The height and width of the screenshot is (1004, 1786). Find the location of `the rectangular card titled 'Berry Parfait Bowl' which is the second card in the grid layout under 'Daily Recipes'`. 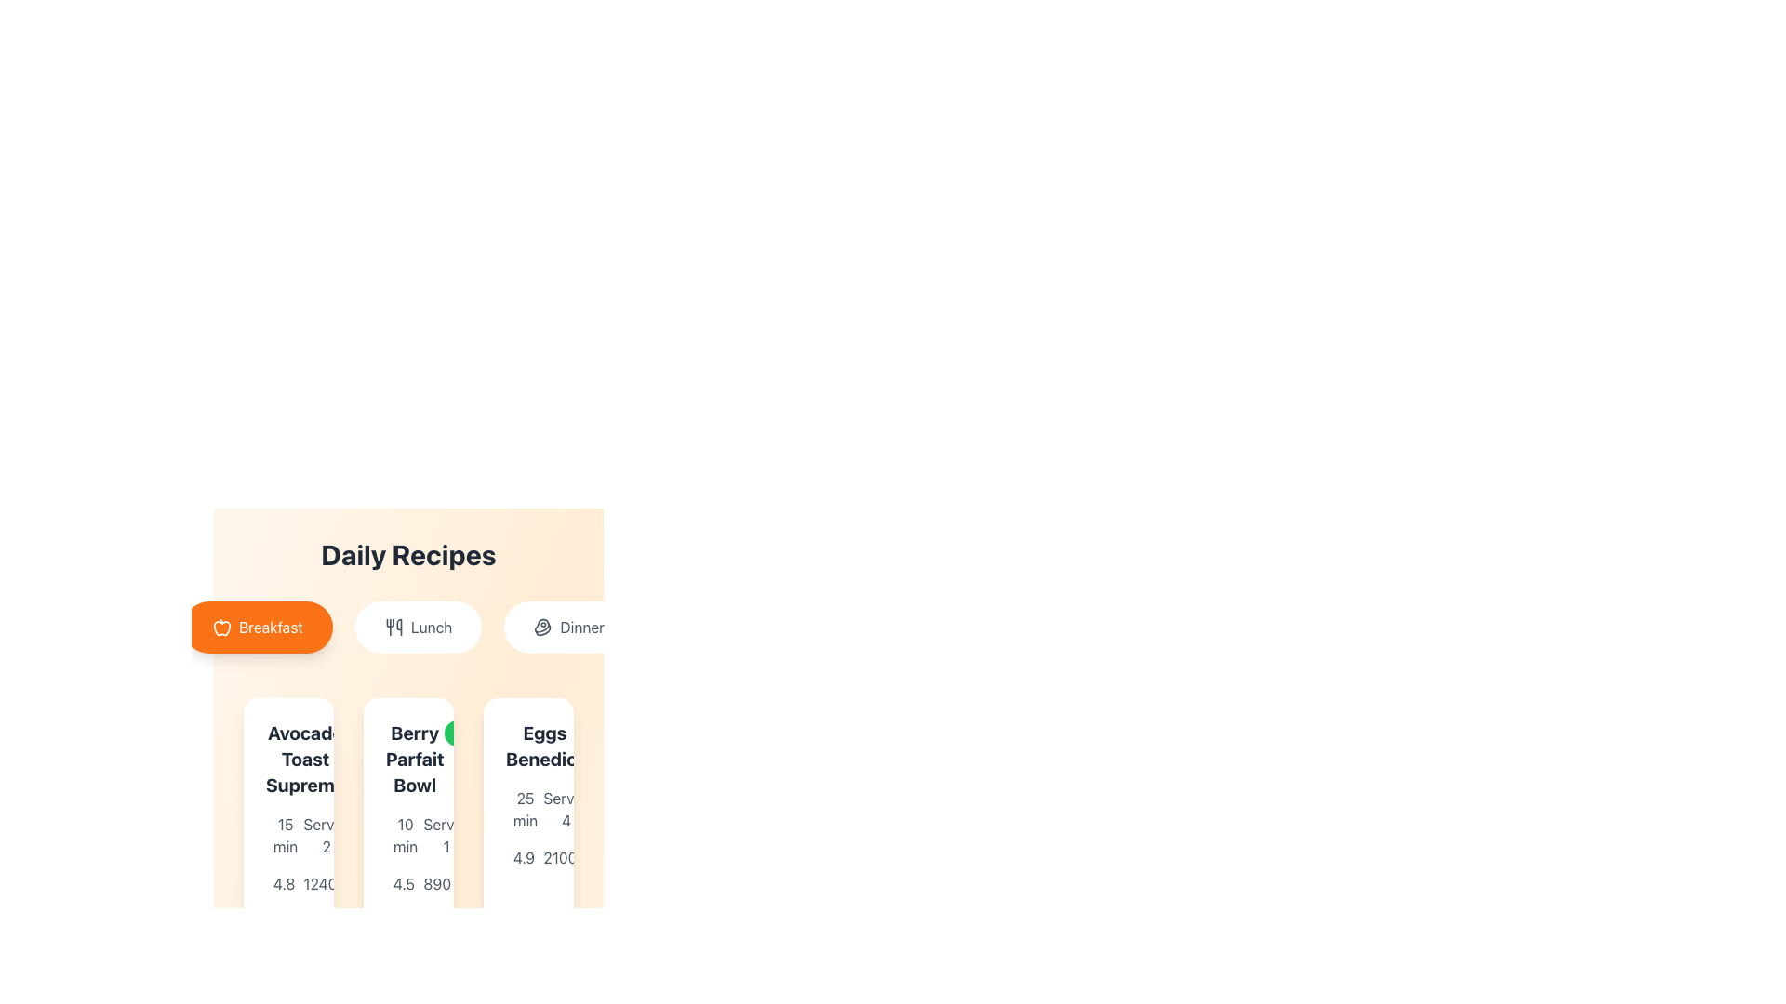

the rectangular card titled 'Berry Parfait Bowl' which is the second card in the grid layout under 'Daily Recipes' is located at coordinates (407, 817).